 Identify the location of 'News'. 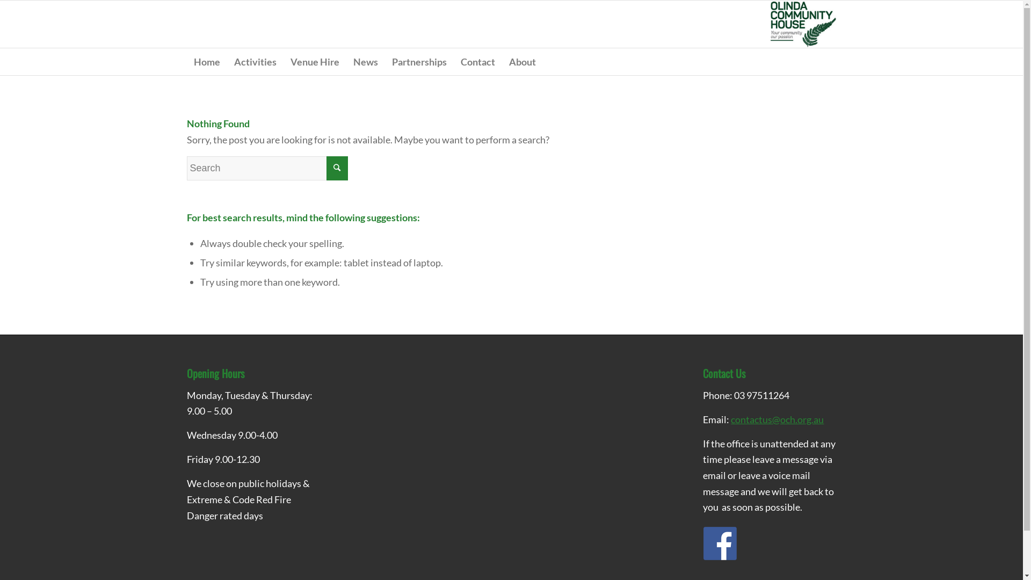
(365, 62).